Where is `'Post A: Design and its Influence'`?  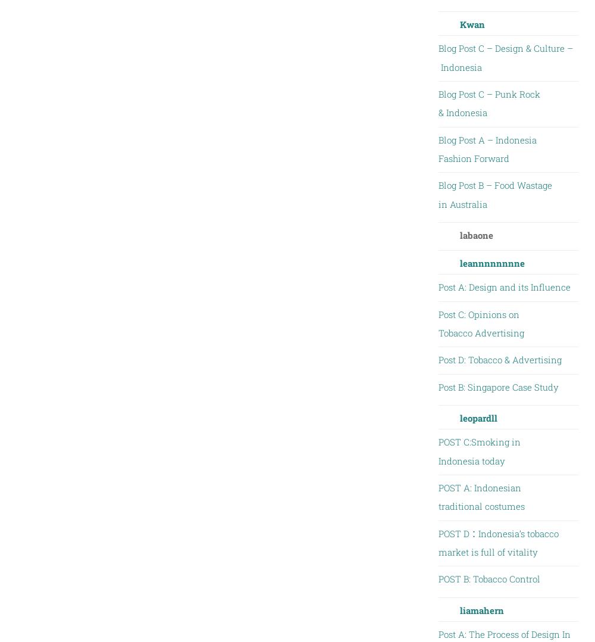 'Post A: Design and its Influence' is located at coordinates (503, 286).